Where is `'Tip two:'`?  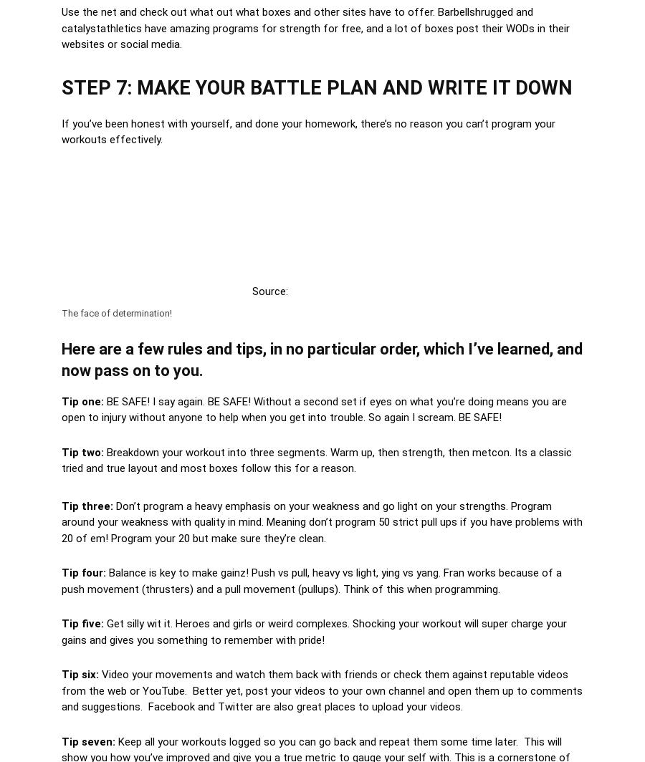
'Tip two:' is located at coordinates (82, 451).